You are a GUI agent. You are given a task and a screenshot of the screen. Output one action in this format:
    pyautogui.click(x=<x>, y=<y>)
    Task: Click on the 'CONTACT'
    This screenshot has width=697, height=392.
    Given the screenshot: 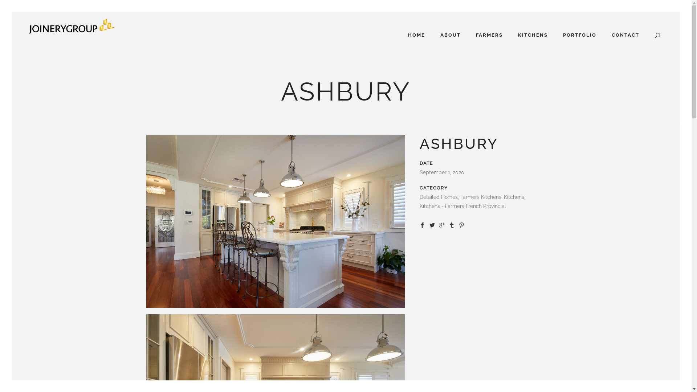 What is the action you would take?
    pyautogui.click(x=625, y=35)
    